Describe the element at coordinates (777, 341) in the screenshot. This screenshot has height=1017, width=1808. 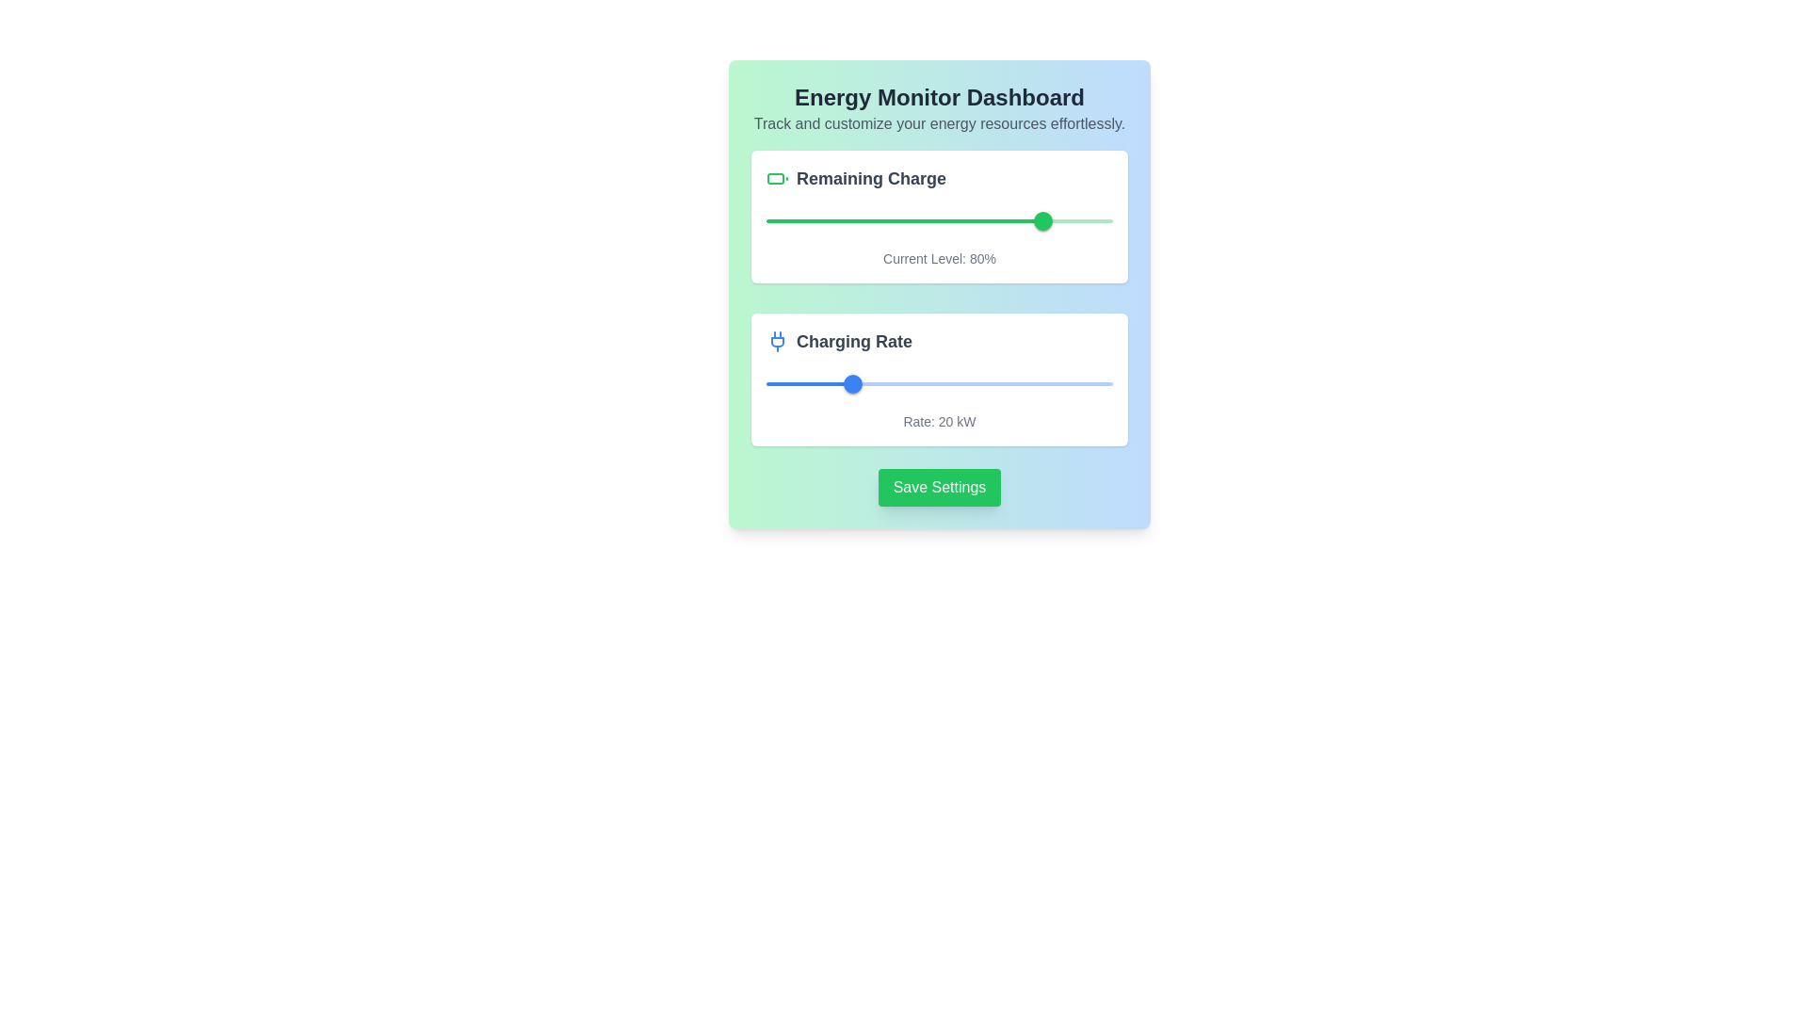
I see `the decorative plug icon that visually identifies the charging rate section, located to the left of the 'Charging Rate' label` at that location.